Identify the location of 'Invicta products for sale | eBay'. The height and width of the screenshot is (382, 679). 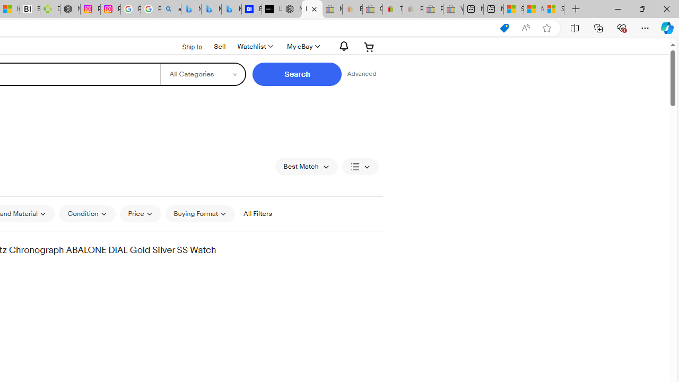
(311, 9).